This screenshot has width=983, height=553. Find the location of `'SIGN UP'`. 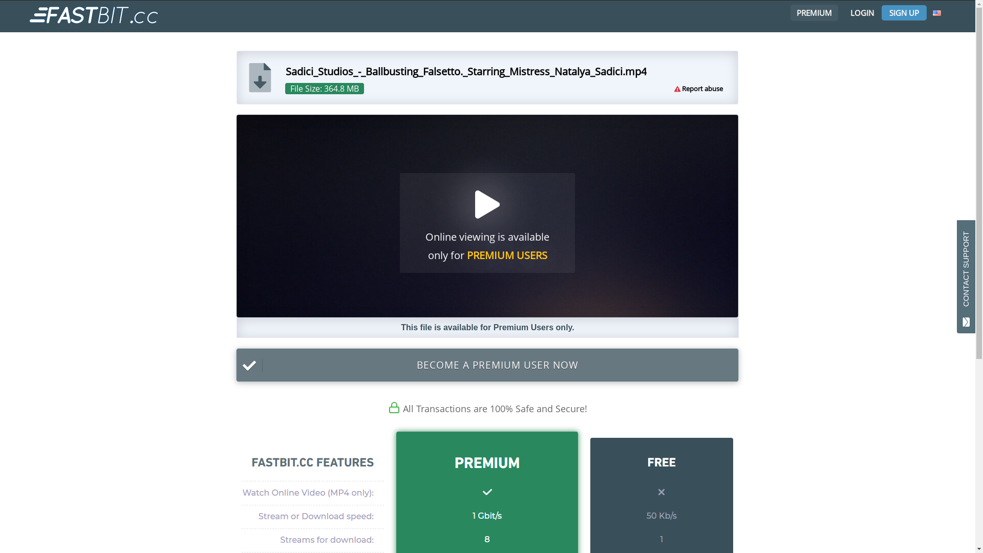

'SIGN UP' is located at coordinates (904, 12).